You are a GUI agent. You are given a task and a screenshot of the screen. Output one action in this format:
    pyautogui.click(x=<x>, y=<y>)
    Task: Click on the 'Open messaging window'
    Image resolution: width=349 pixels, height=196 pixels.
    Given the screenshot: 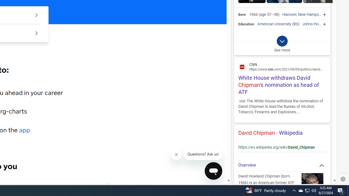 What is the action you would take?
    pyautogui.click(x=213, y=171)
    